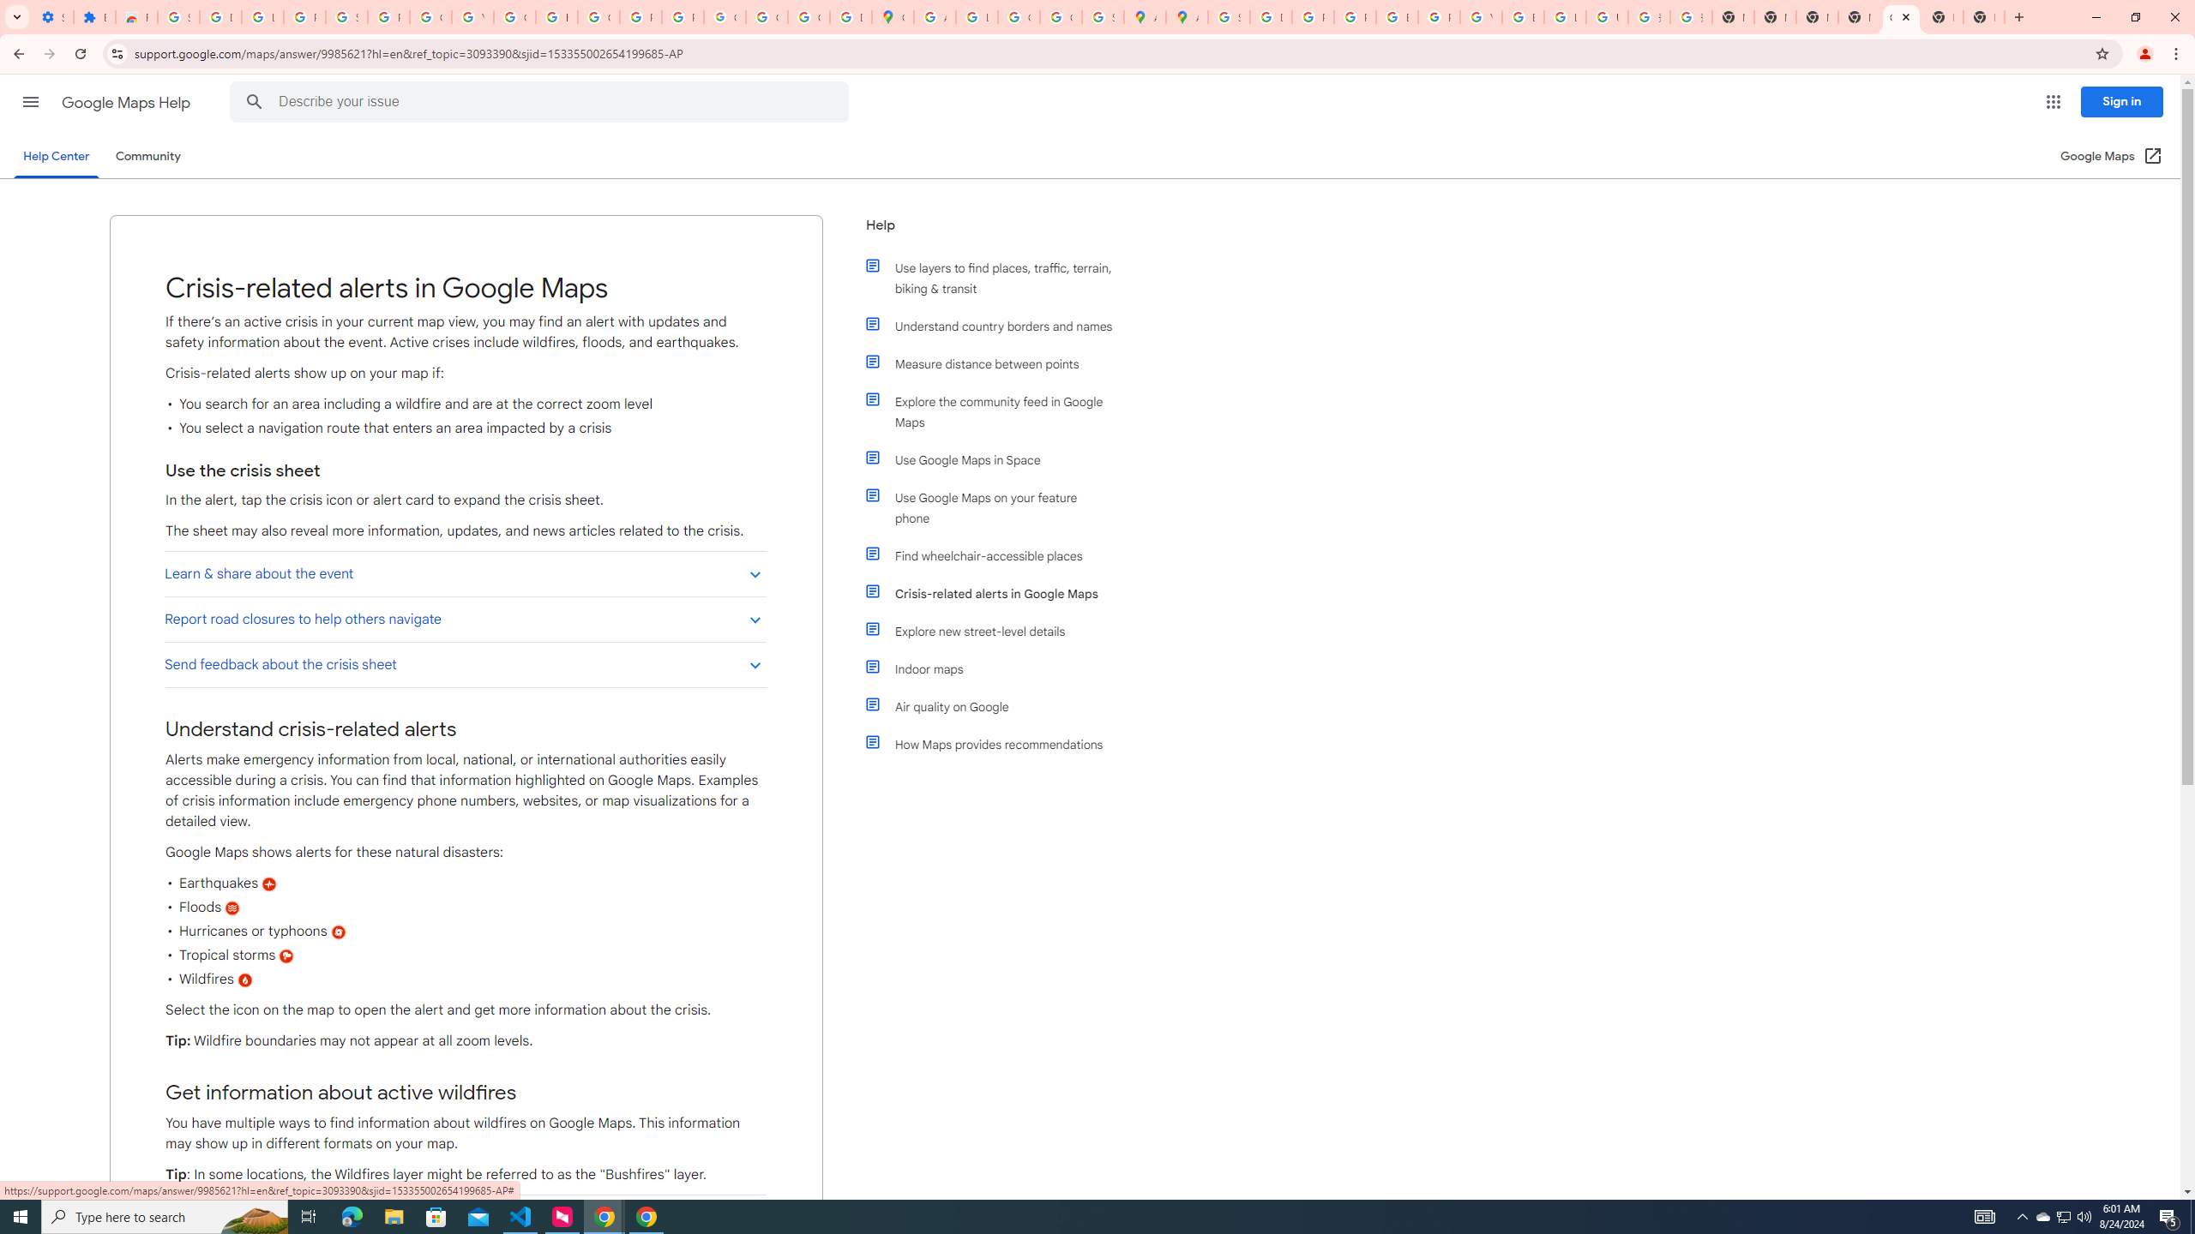  Describe the element at coordinates (542, 101) in the screenshot. I see `'Describe your issue'` at that location.